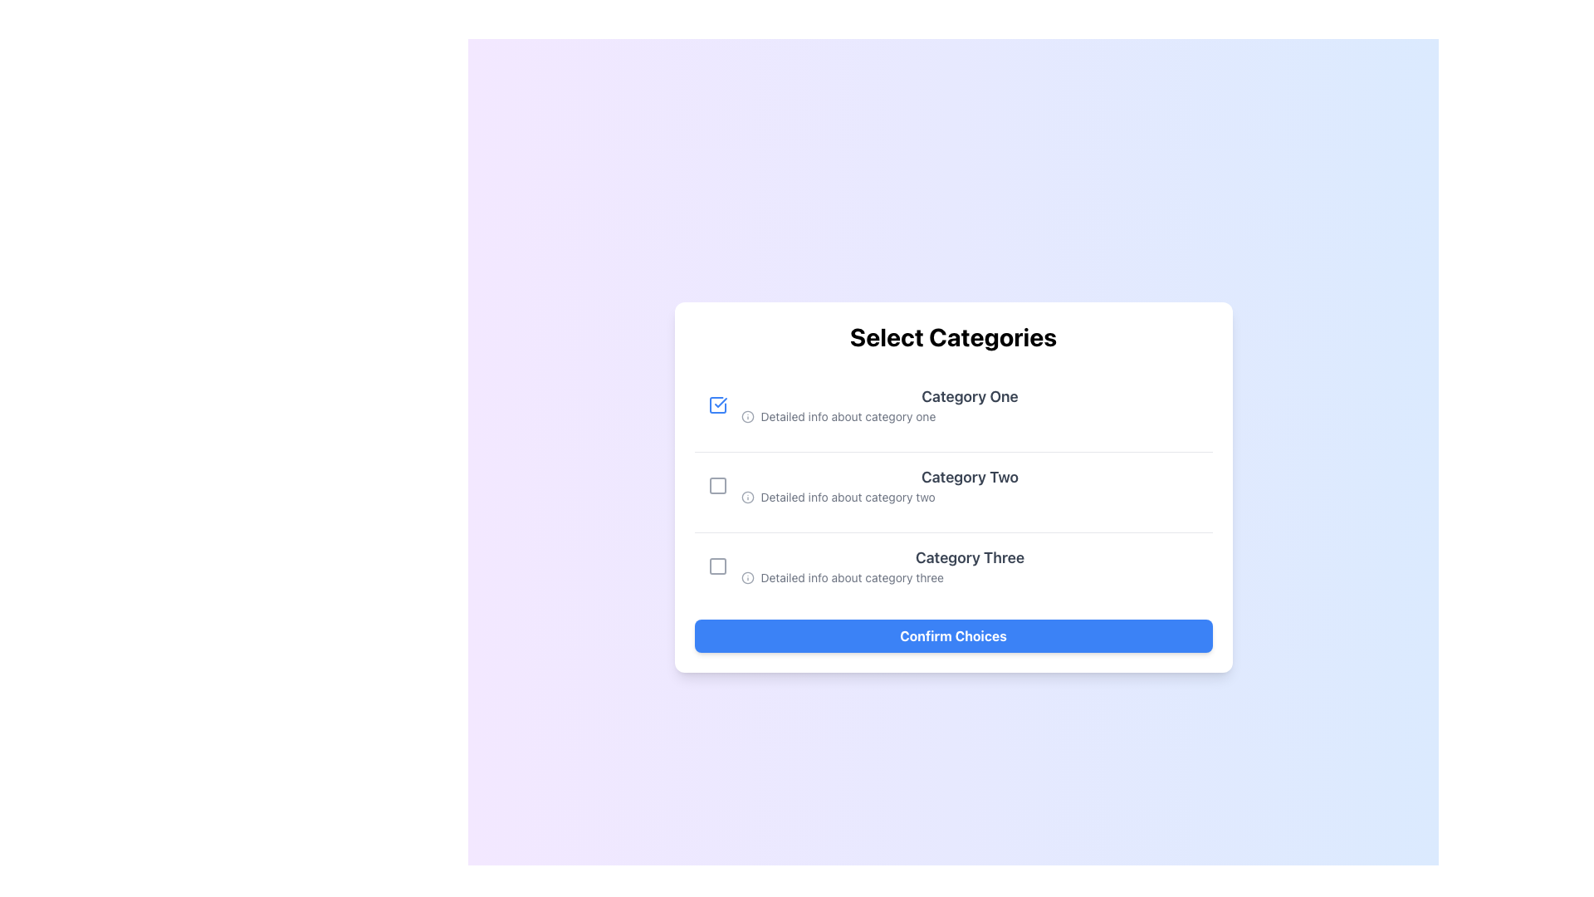 Image resolution: width=1594 pixels, height=897 pixels. Describe the element at coordinates (717, 566) in the screenshot. I see `the square checkbox located to the left of the 'Category Three' title to observe any hover effects` at that location.